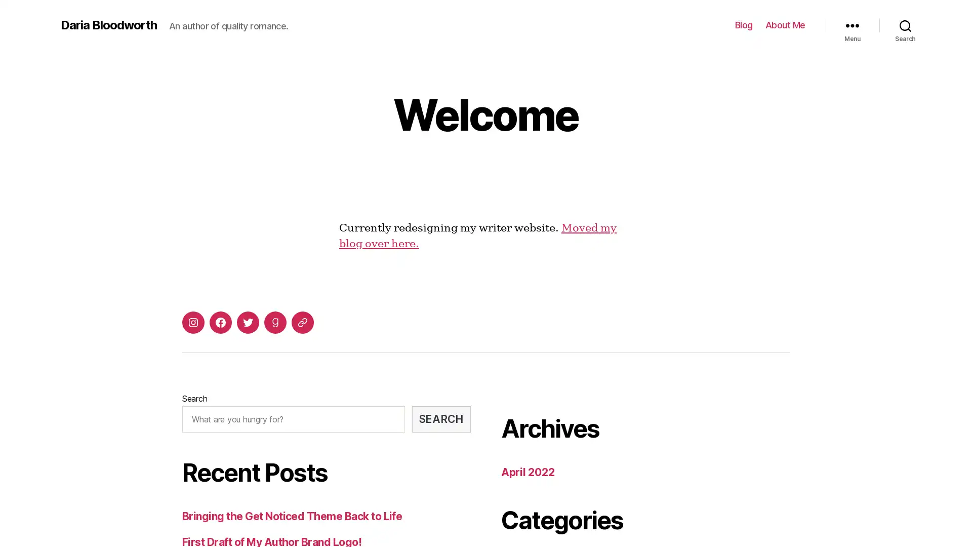 This screenshot has width=972, height=547. I want to click on SEARCH, so click(441, 418).